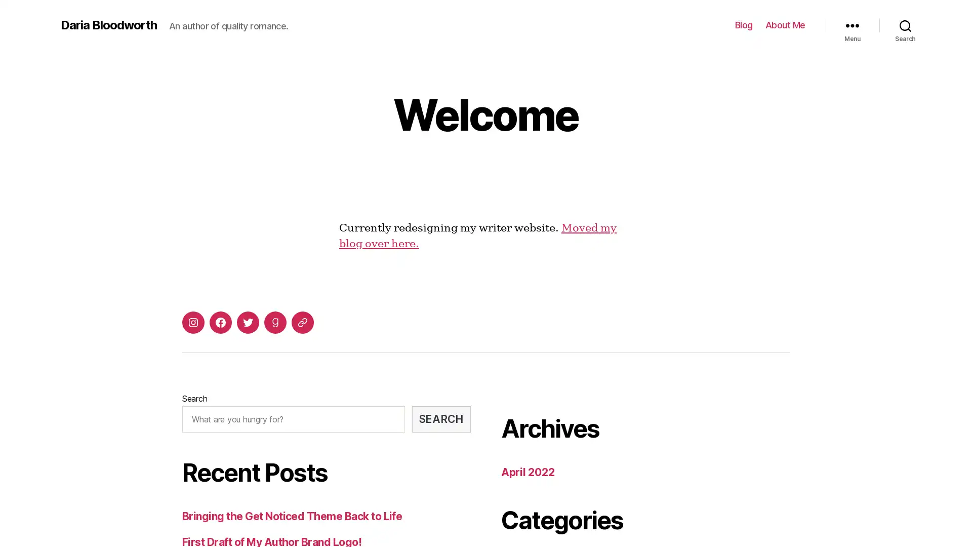 This screenshot has width=972, height=547. I want to click on SEARCH, so click(441, 418).